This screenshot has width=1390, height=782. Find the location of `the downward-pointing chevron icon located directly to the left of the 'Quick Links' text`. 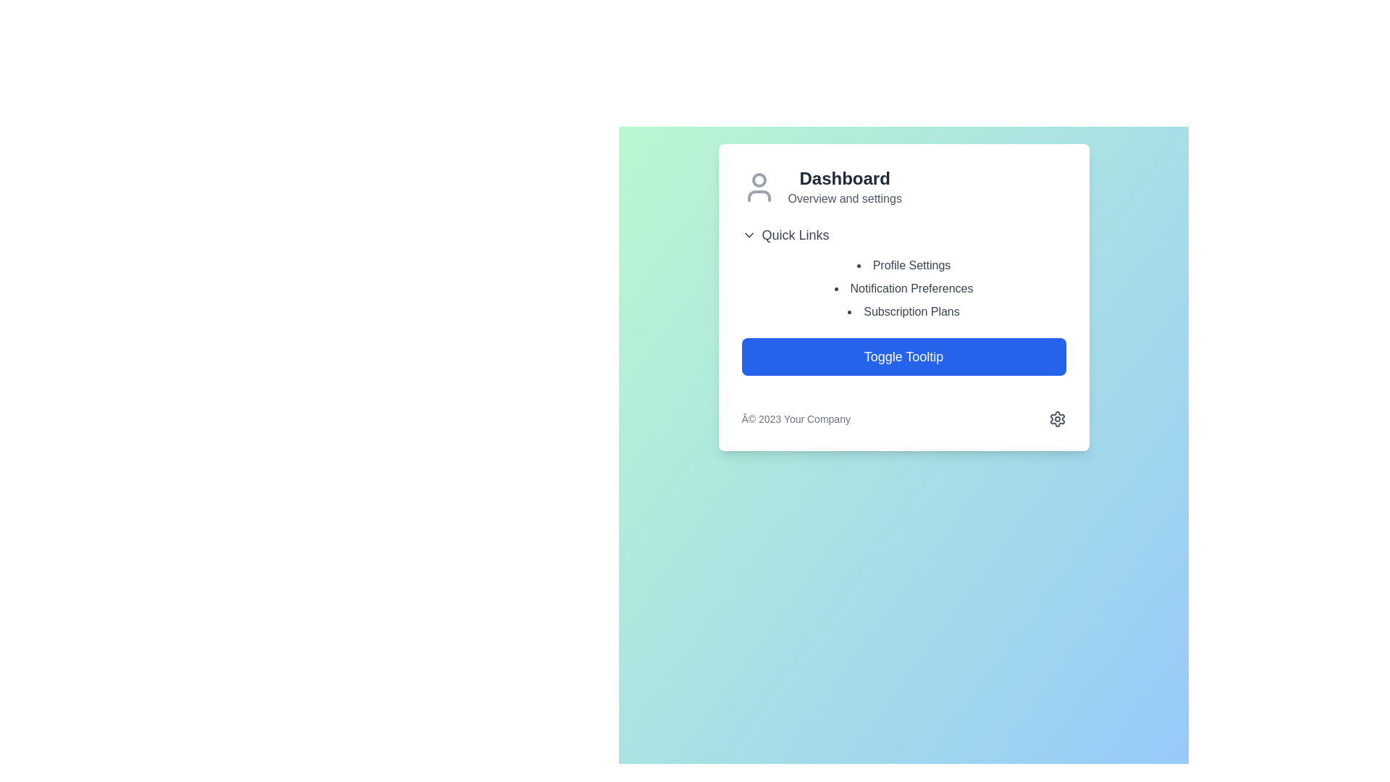

the downward-pointing chevron icon located directly to the left of the 'Quick Links' text is located at coordinates (749, 234).